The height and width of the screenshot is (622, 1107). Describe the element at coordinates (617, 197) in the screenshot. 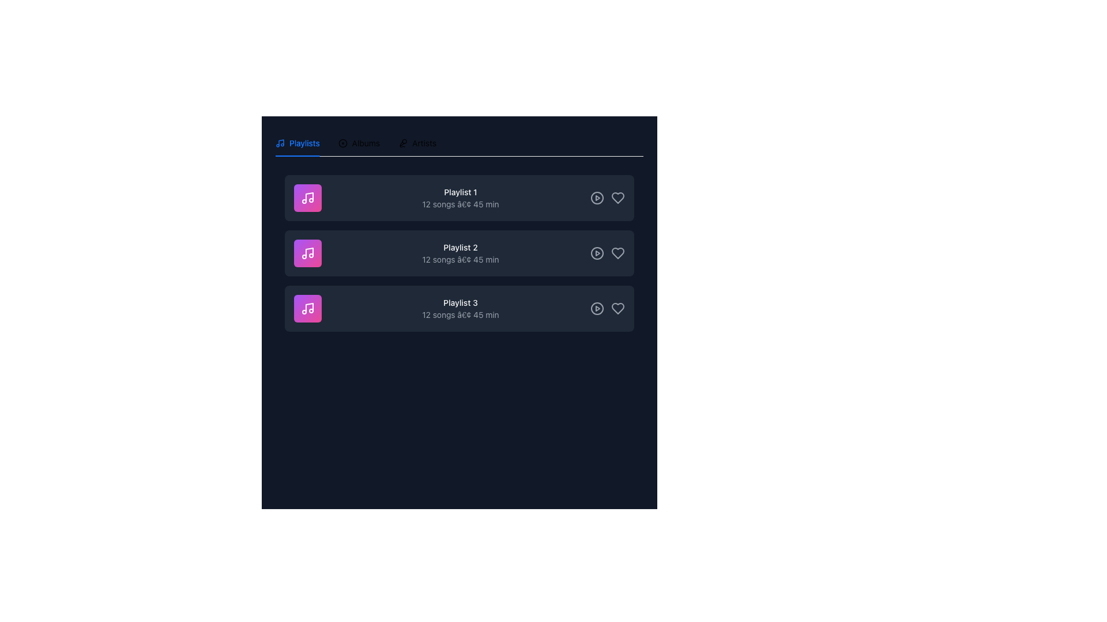

I see `the favorite button icon located on the far right of the playlist row` at that location.